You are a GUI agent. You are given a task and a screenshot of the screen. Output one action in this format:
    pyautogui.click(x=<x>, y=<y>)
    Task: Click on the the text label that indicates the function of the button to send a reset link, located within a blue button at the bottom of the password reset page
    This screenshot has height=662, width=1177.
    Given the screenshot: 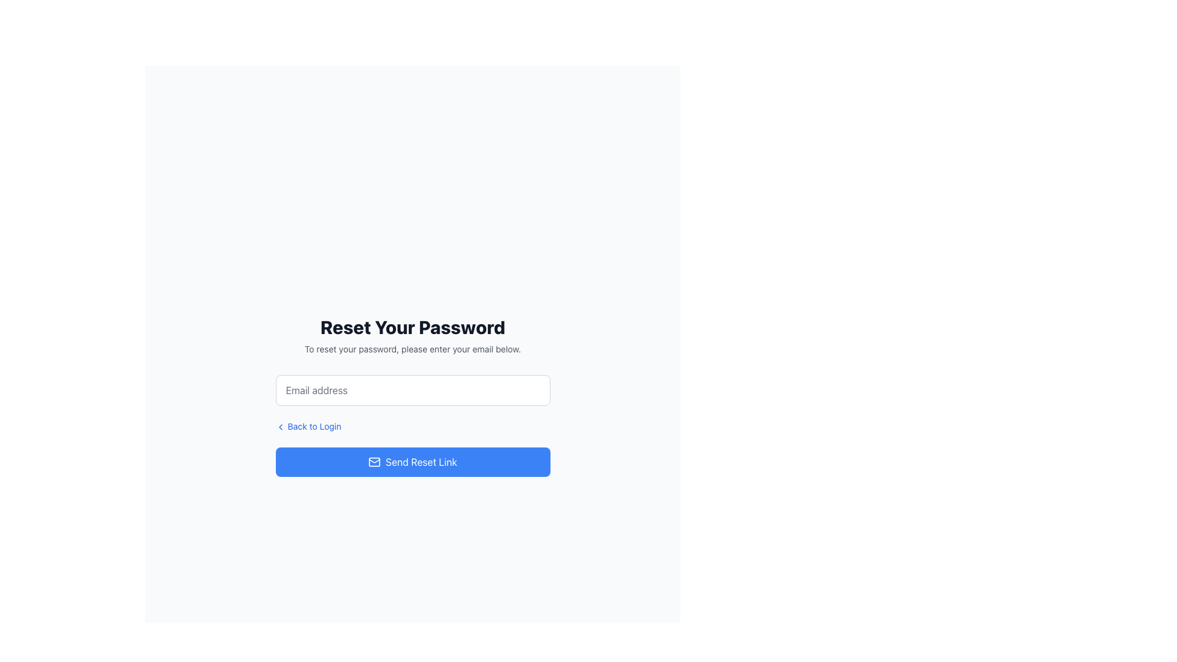 What is the action you would take?
    pyautogui.click(x=421, y=462)
    